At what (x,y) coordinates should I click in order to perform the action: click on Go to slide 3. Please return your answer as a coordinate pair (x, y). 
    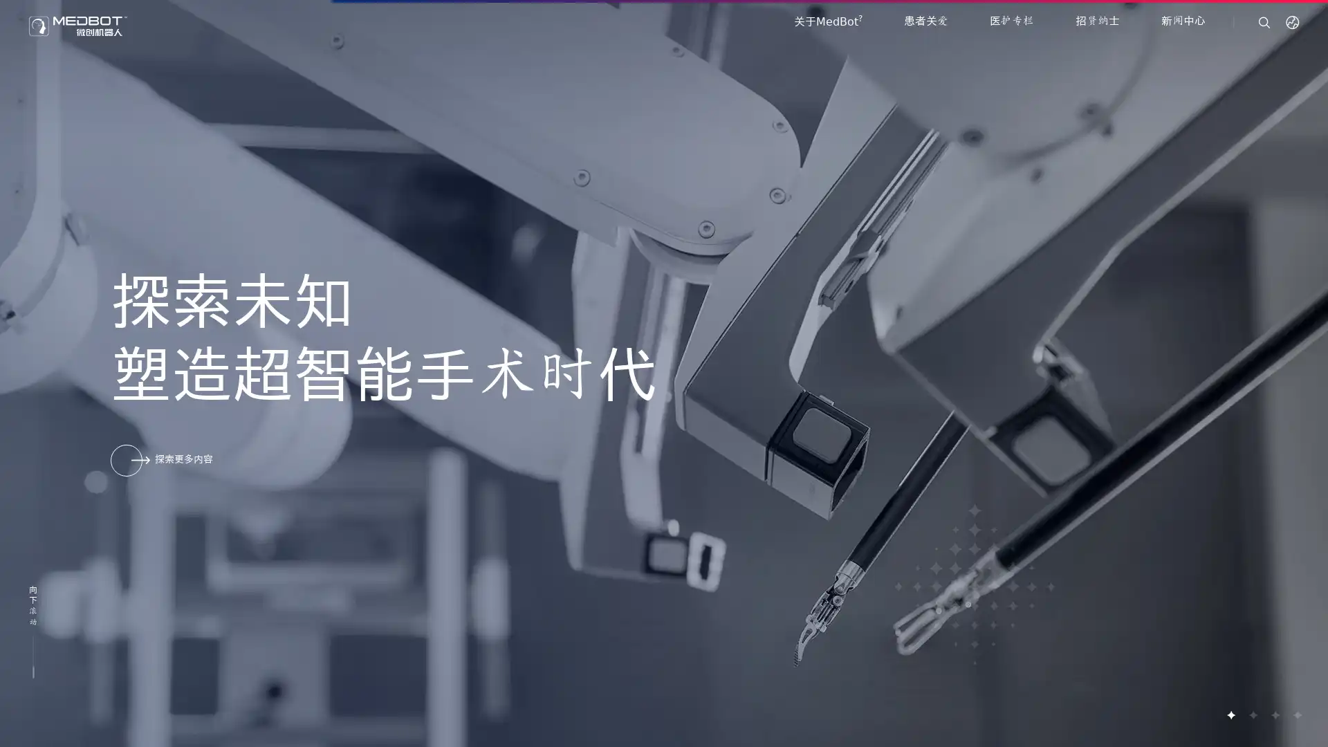
    Looking at the image, I should click on (1274, 714).